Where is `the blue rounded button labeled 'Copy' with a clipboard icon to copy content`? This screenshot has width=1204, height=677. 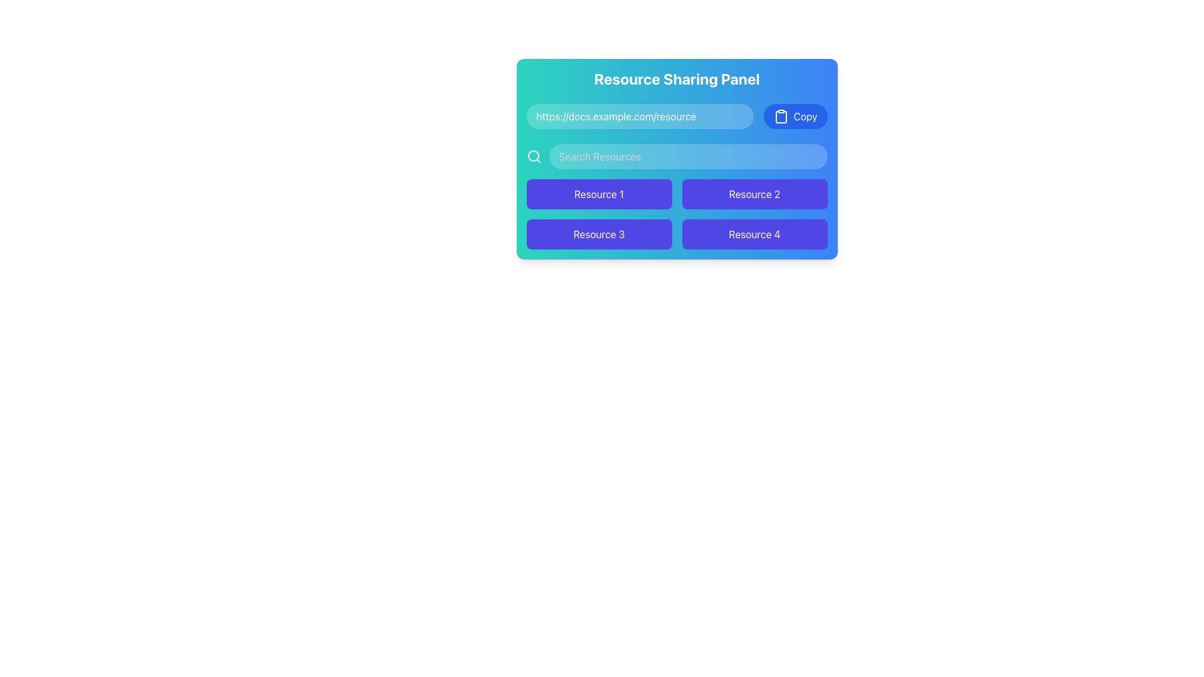
the blue rounded button labeled 'Copy' with a clipboard icon to copy content is located at coordinates (794, 116).